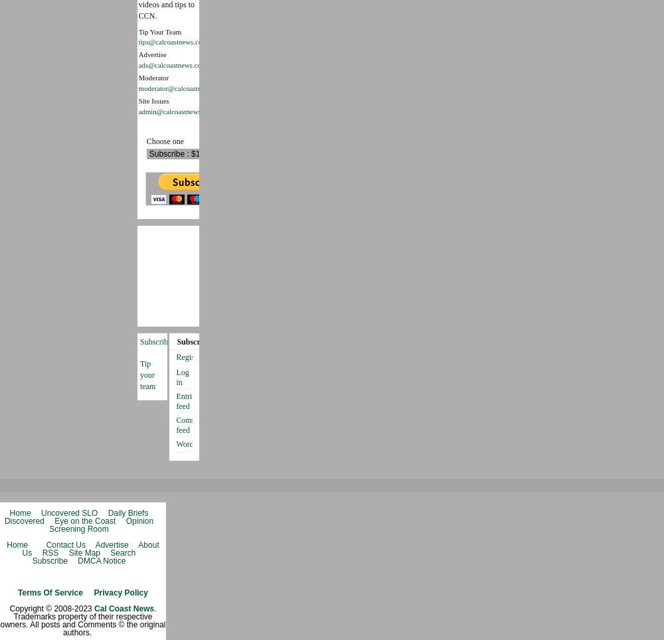 Image resolution: width=664 pixels, height=640 pixels. Describe the element at coordinates (78, 528) in the screenshot. I see `'Screening Room'` at that location.